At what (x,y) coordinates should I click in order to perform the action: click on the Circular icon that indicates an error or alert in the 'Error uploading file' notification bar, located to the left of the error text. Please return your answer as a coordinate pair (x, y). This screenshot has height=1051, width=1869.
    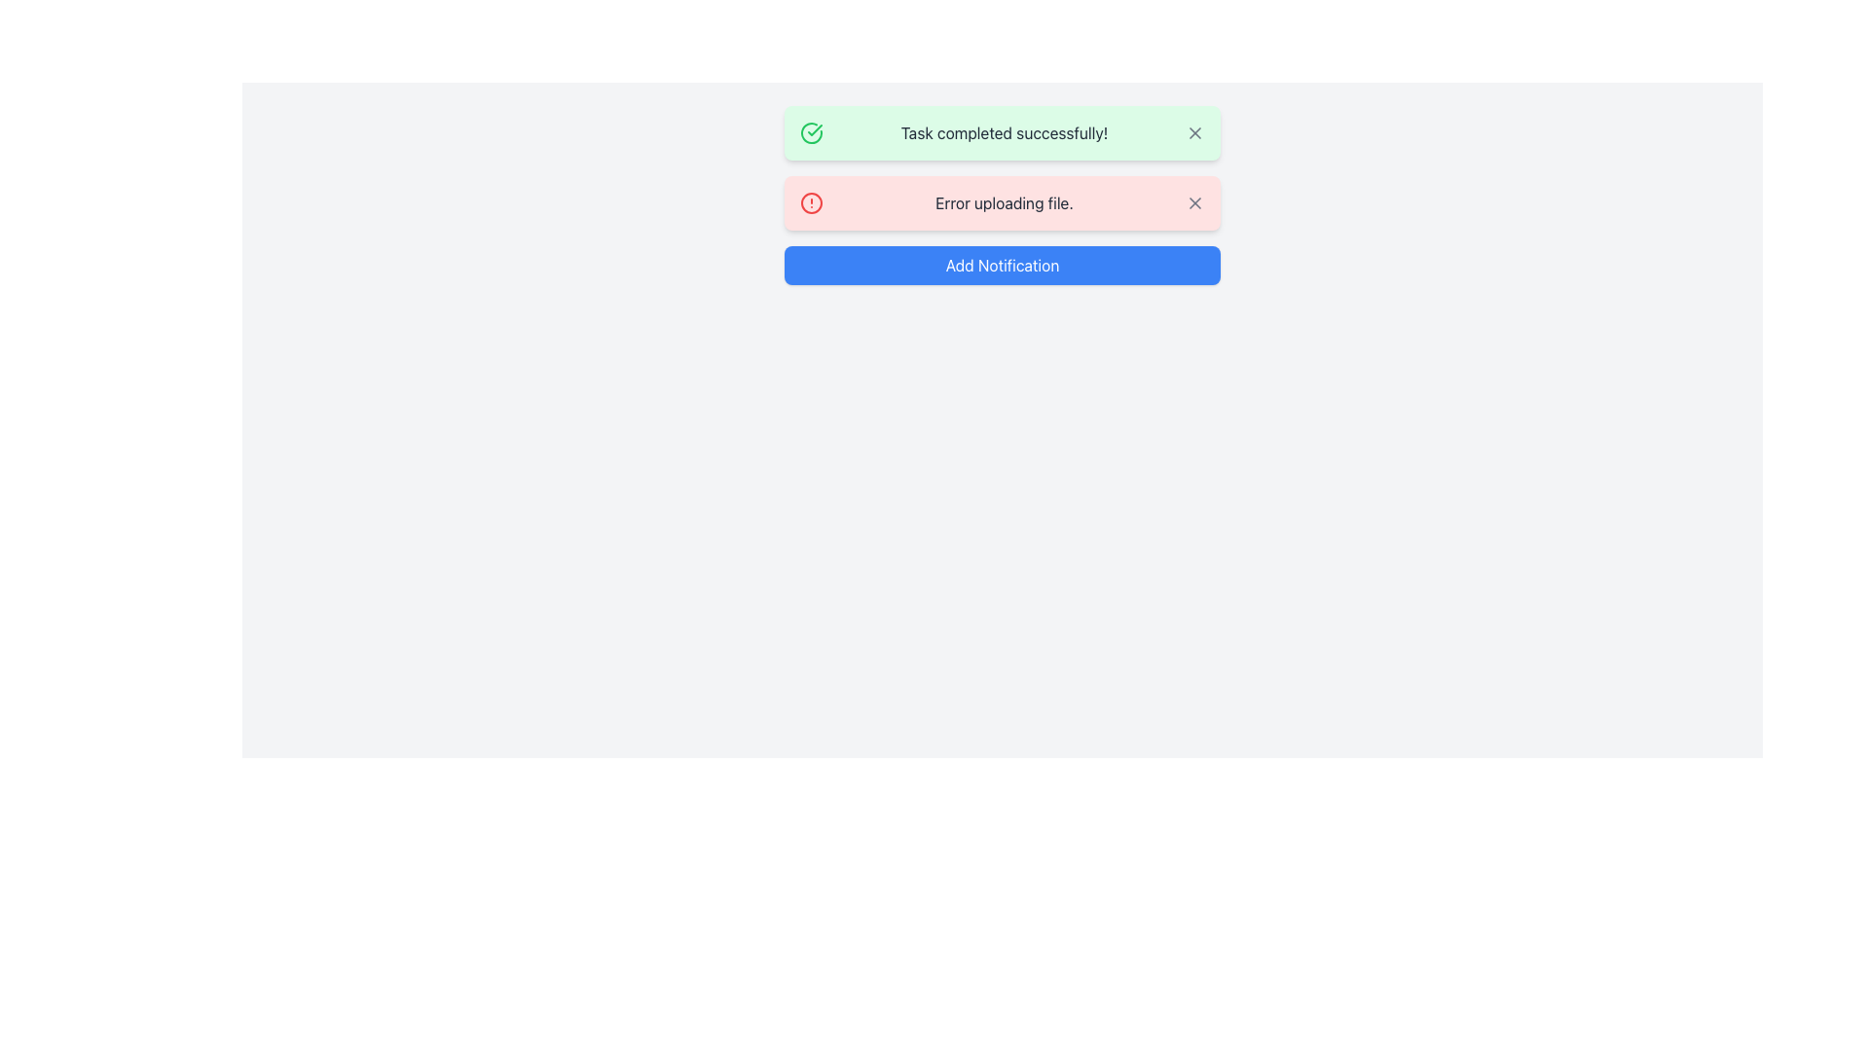
    Looking at the image, I should click on (812, 202).